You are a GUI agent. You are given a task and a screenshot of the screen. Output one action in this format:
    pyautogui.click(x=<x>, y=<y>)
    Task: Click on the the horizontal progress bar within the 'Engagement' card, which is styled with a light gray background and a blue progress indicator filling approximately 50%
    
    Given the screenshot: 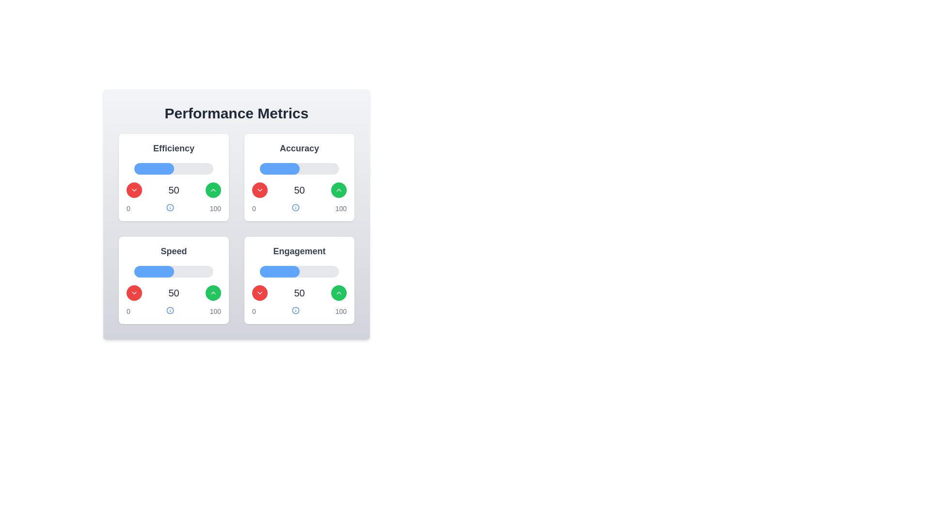 What is the action you would take?
    pyautogui.click(x=299, y=271)
    